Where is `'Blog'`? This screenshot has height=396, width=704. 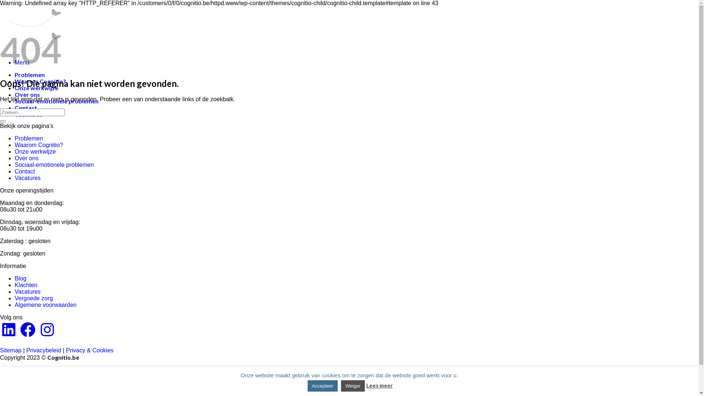 'Blog' is located at coordinates (21, 278).